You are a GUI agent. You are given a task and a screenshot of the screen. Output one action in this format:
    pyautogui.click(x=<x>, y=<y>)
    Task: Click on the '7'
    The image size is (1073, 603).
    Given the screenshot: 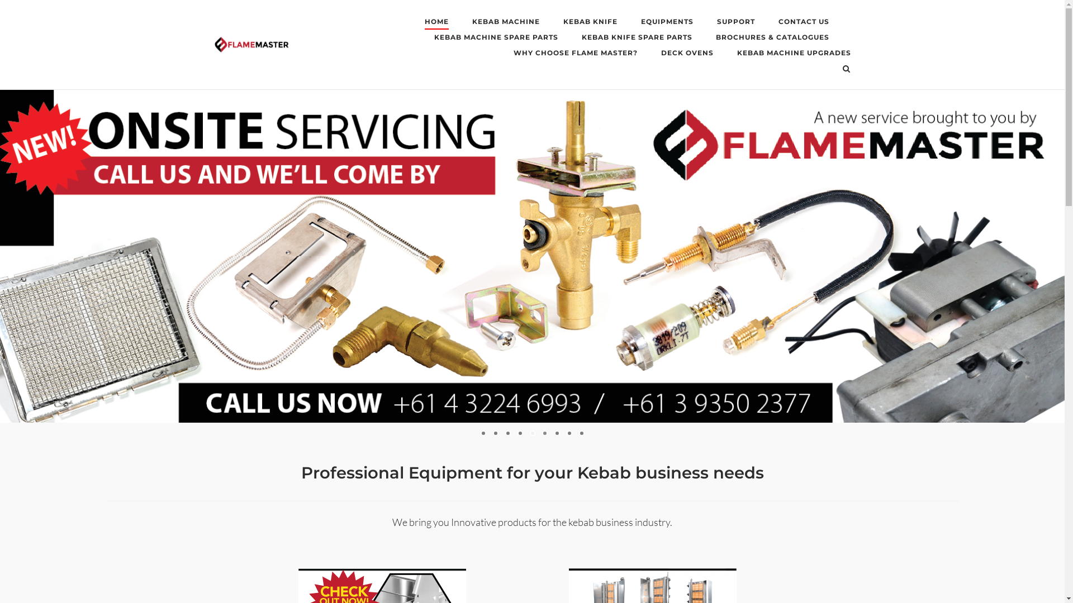 What is the action you would take?
    pyautogui.click(x=557, y=432)
    